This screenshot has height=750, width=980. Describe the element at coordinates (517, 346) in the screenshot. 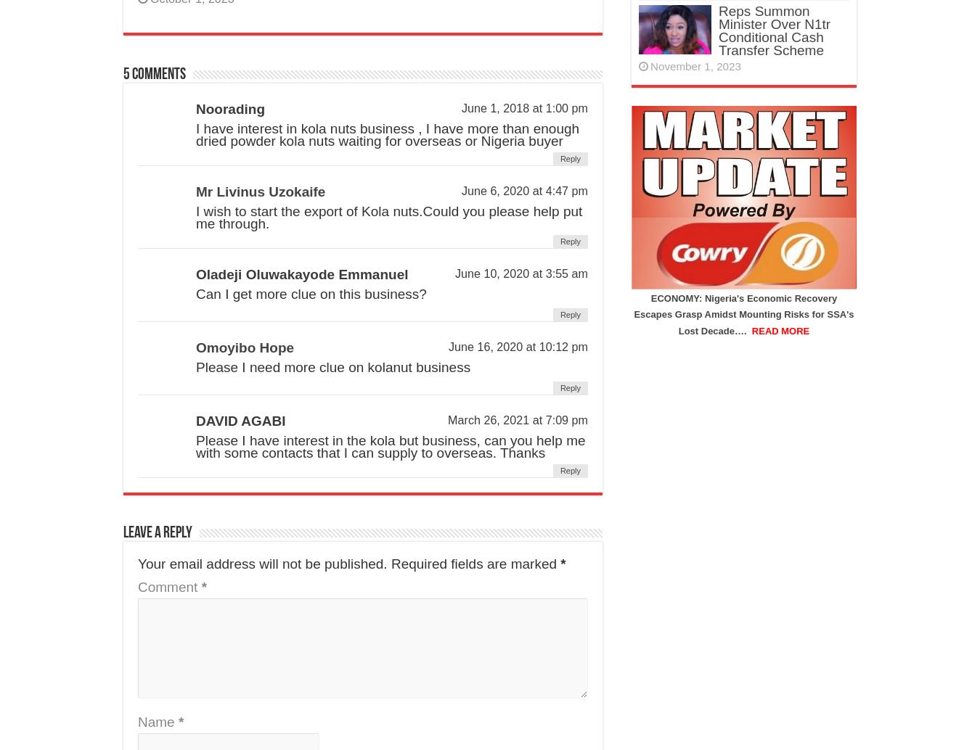

I see `'June 16, 2020 at 10:12 pm'` at that location.